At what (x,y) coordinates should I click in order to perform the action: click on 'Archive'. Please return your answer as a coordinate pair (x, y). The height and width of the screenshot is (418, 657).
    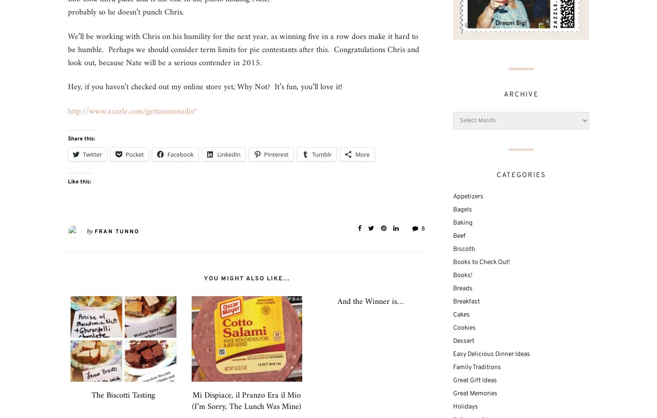
    Looking at the image, I should click on (520, 94).